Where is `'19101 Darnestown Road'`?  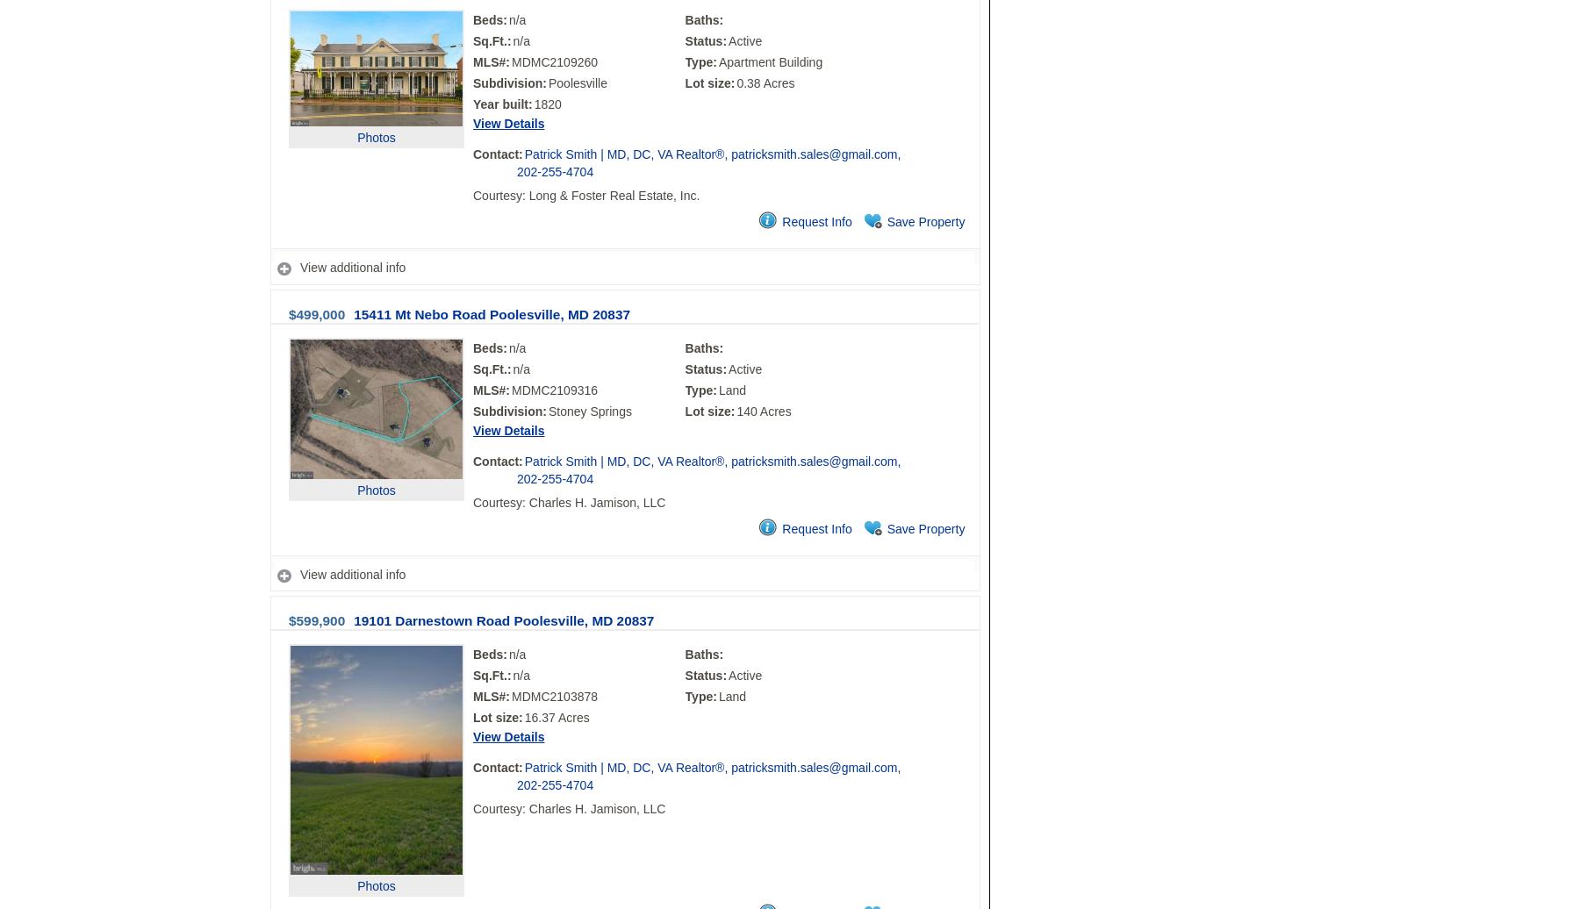 '19101 Darnestown Road' is located at coordinates (432, 619).